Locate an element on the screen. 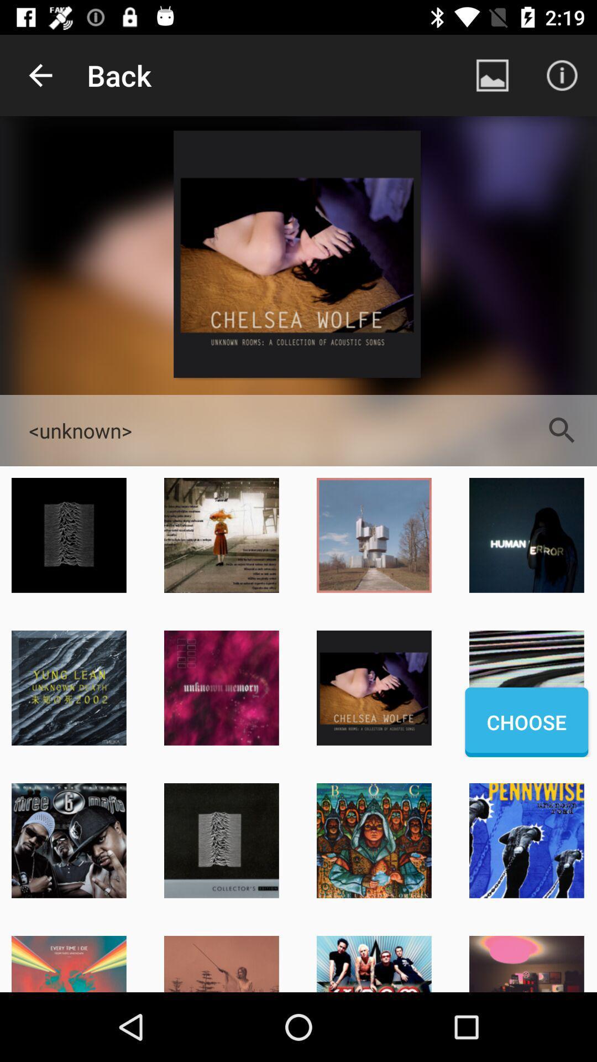  item next to the back app is located at coordinates (40, 75).